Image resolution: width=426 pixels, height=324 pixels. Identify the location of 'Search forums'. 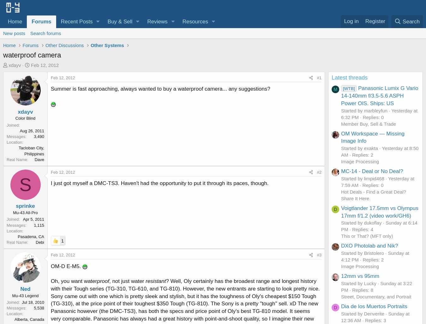
(30, 33).